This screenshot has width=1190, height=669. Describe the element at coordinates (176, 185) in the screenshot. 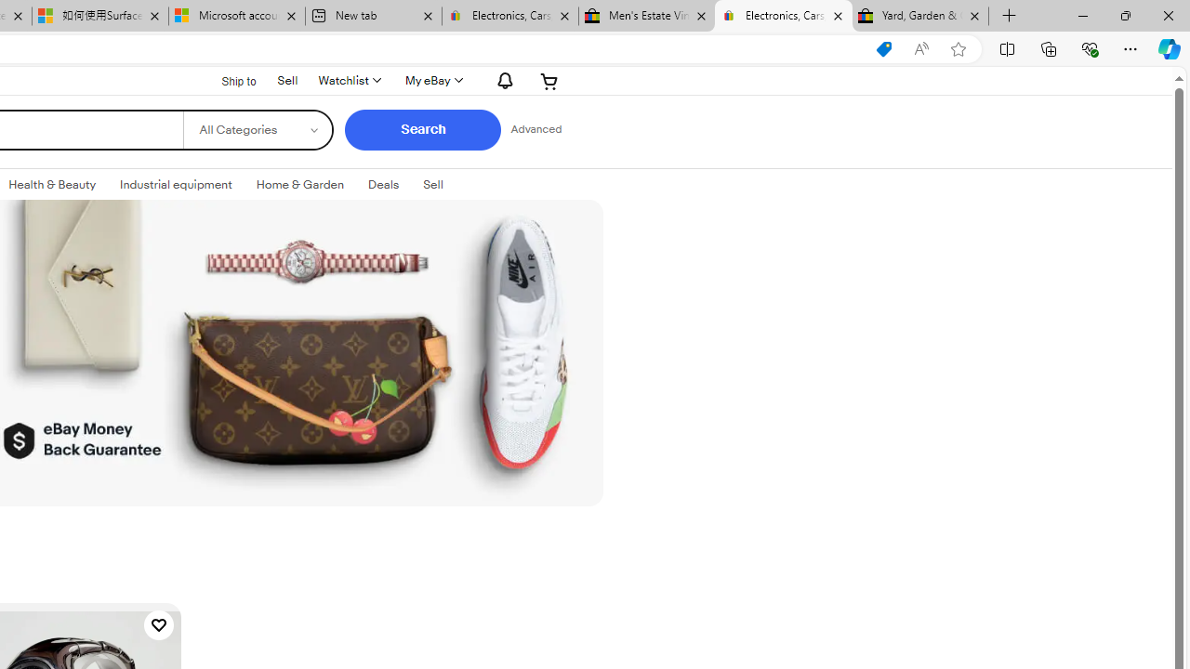

I see `'Industrial equipmentExpand: Industrial equipment'` at that location.